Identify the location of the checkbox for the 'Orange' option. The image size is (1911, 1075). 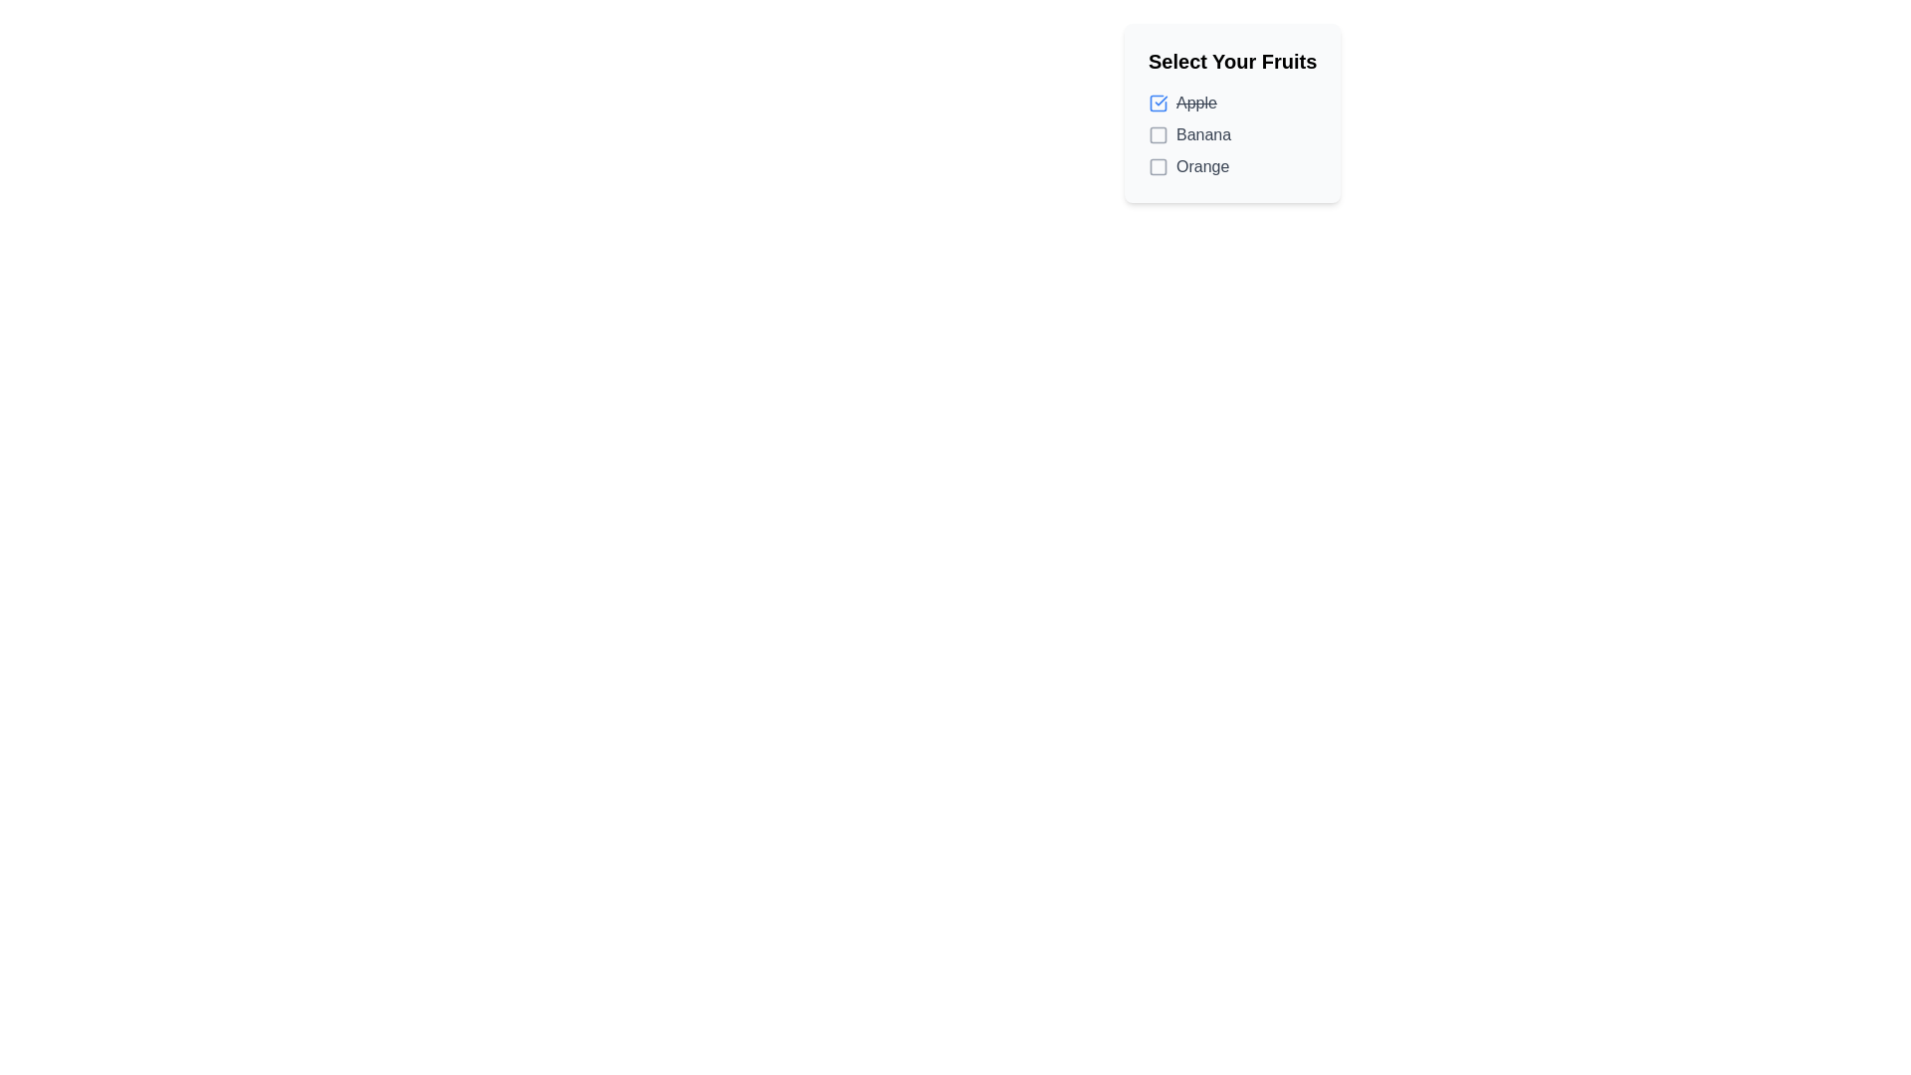
(1158, 166).